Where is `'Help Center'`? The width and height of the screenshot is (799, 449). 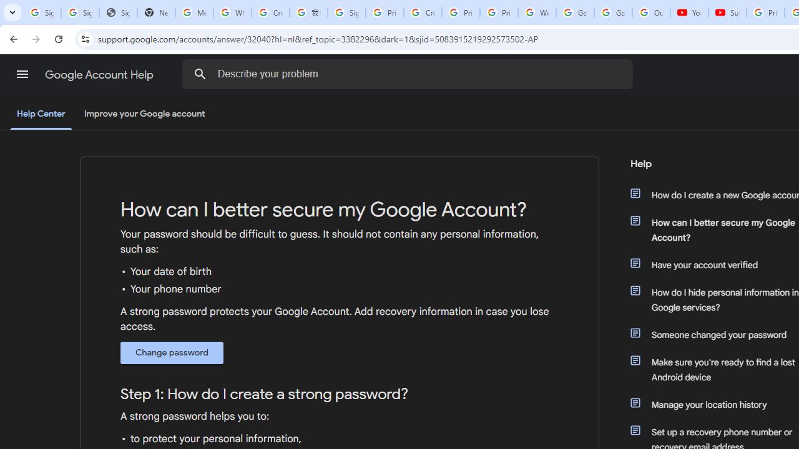
'Help Center' is located at coordinates (41, 114).